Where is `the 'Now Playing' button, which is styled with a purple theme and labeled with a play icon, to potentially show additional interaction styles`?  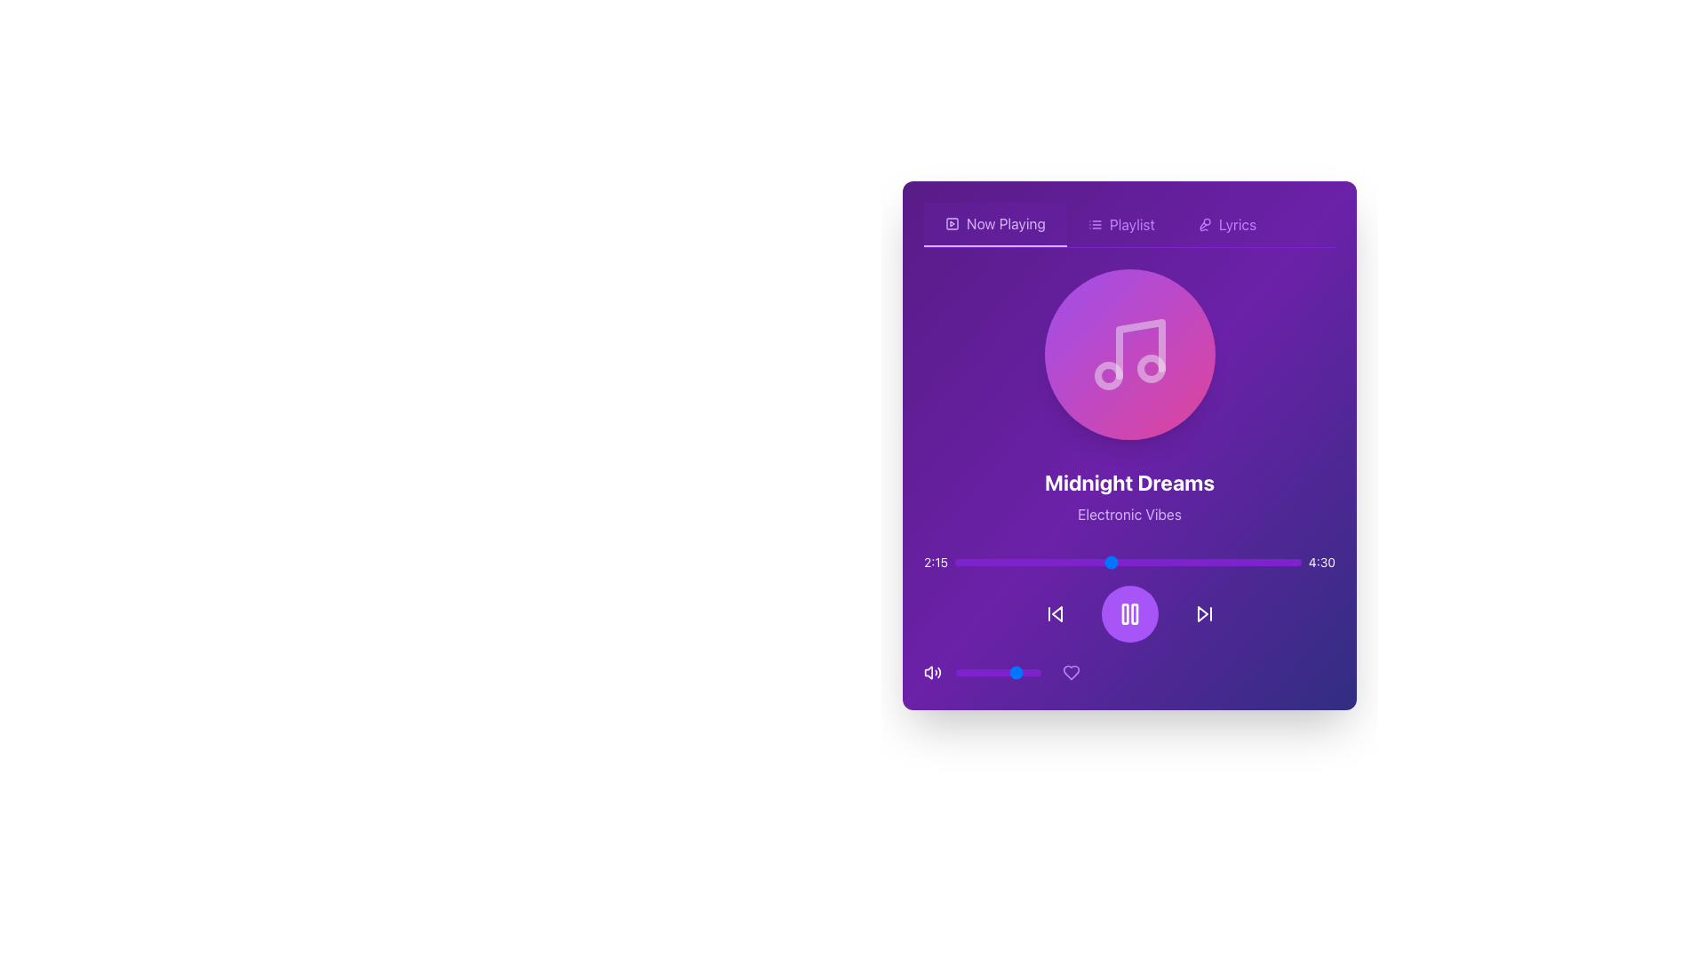
the 'Now Playing' button, which is styled with a purple theme and labeled with a play icon, to potentially show additional interaction styles is located at coordinates (995, 224).